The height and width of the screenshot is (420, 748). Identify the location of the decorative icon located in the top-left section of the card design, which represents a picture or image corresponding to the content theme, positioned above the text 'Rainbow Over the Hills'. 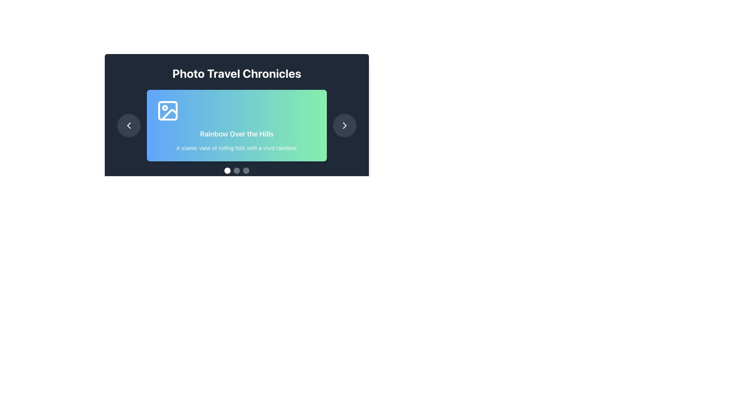
(168, 111).